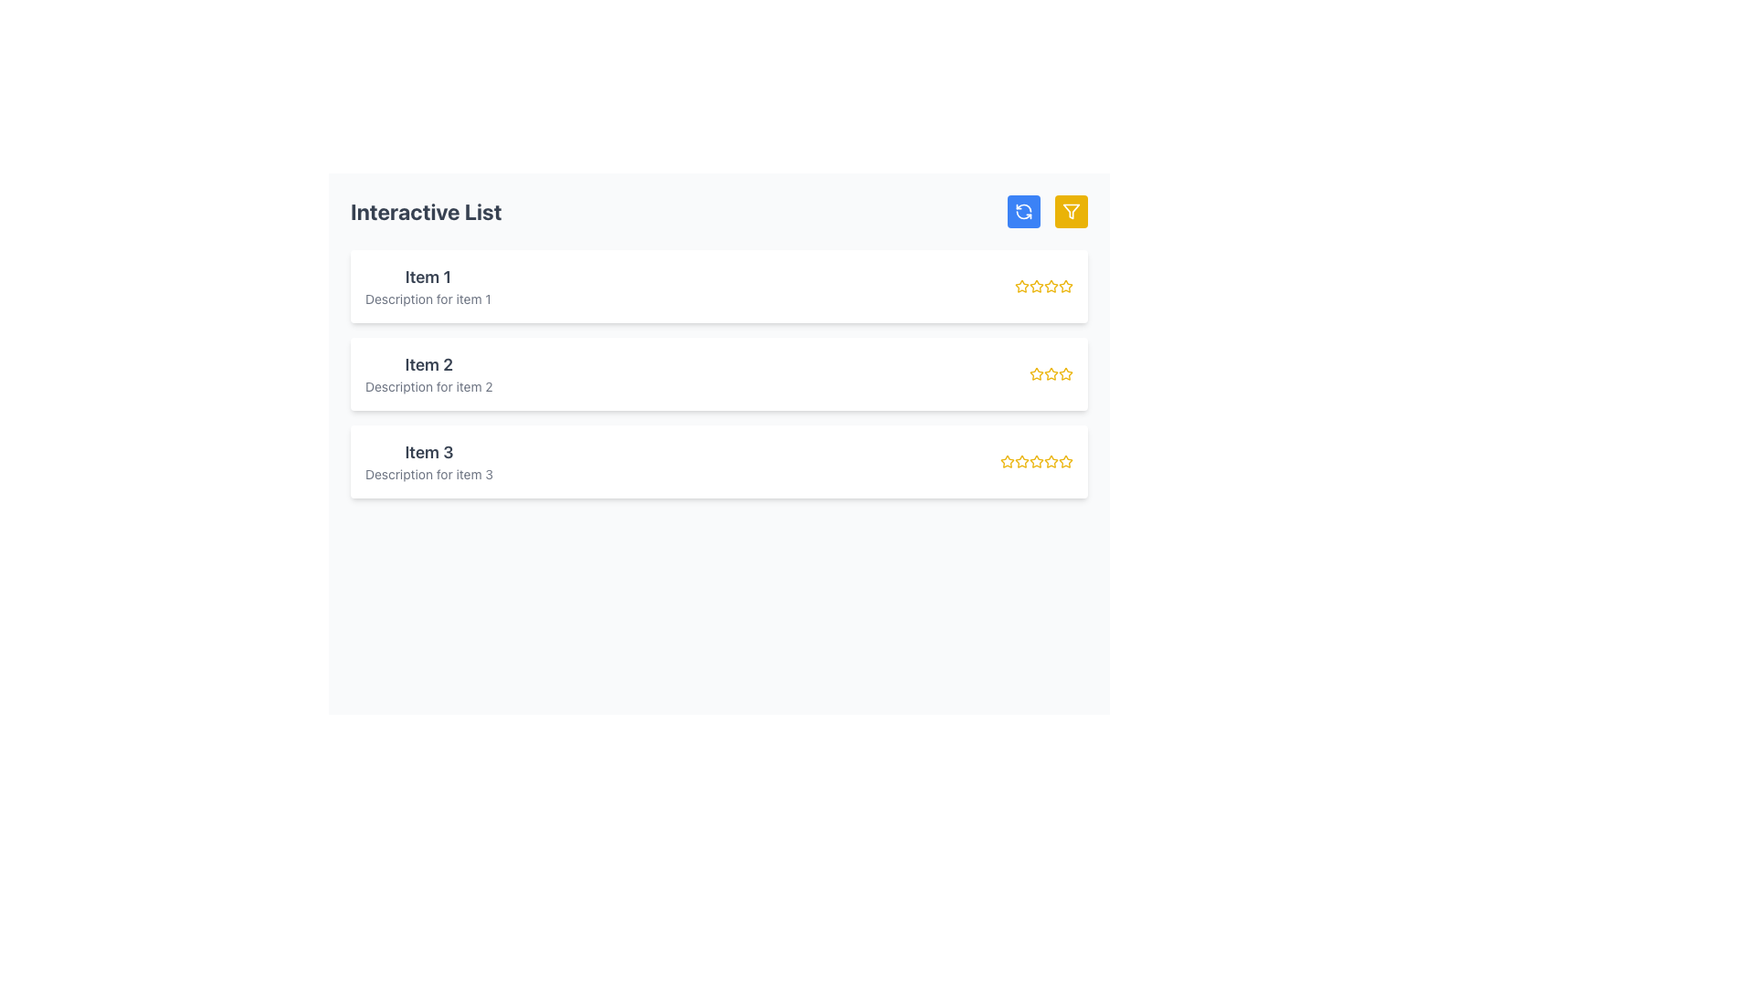 The width and height of the screenshot is (1754, 986). What do you see at coordinates (1065, 372) in the screenshot?
I see `the second star-shaped icon in the rating section for the second item in the list, which is yellow and outlined` at bounding box center [1065, 372].